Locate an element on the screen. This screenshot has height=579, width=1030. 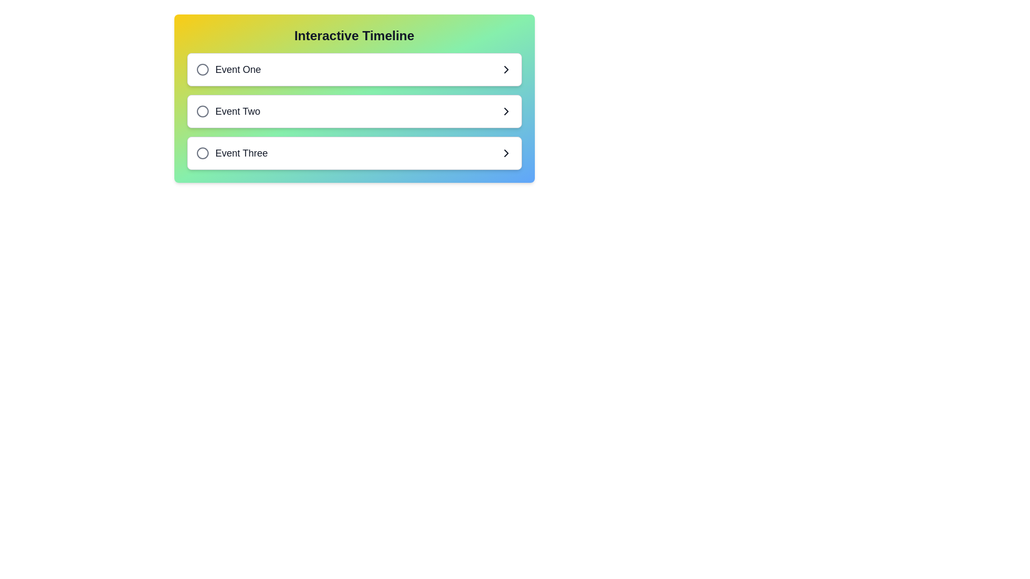
the 'Event One' text label which is bold and medium-sized, located in the first list item of a vertical event list is located at coordinates (238, 70).